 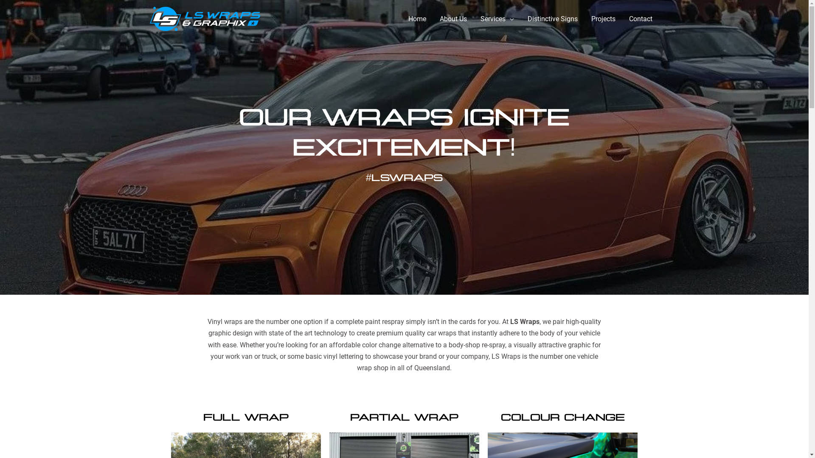 I want to click on 'Home', so click(x=401, y=19).